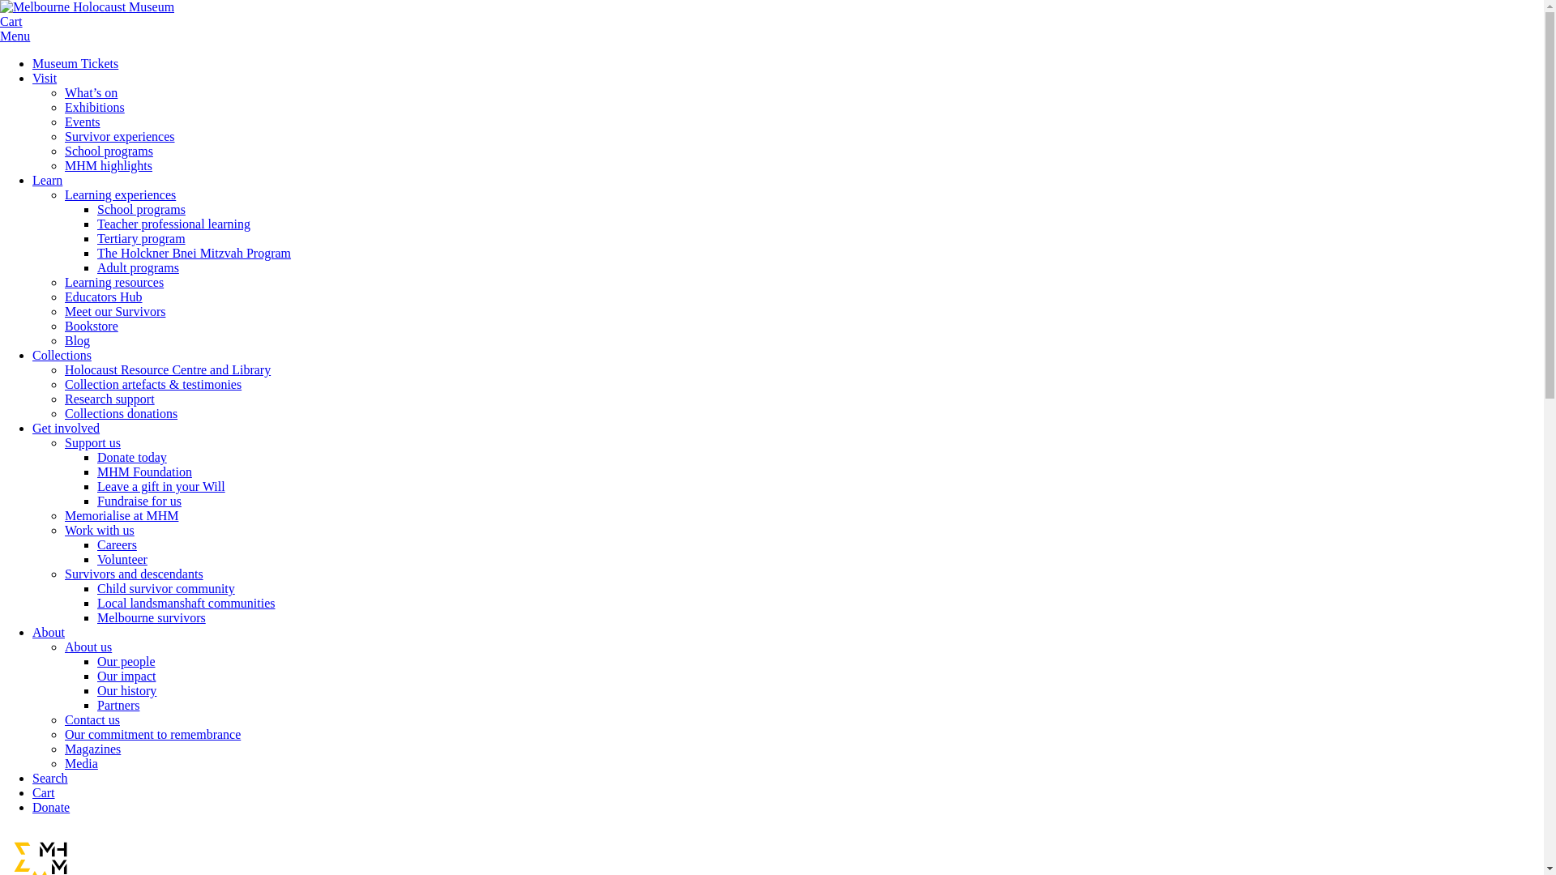  I want to click on 'Our commitment to remembrance', so click(152, 734).